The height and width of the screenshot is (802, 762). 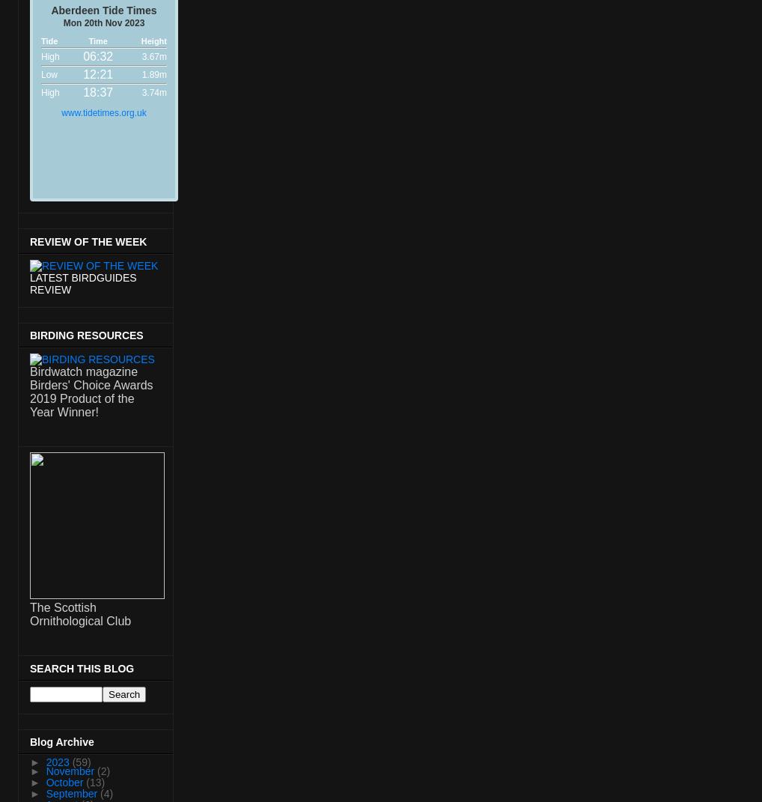 I want to click on 'BIRDING RESOURCES', so click(x=85, y=335).